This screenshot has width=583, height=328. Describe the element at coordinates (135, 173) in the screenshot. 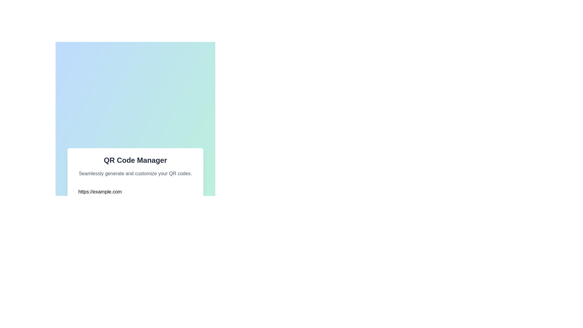

I see `informational text that states 'Seamlessly generate and customize your QR codes.' which is styled in gray and located beneath the title 'QR Code Manager'` at that location.